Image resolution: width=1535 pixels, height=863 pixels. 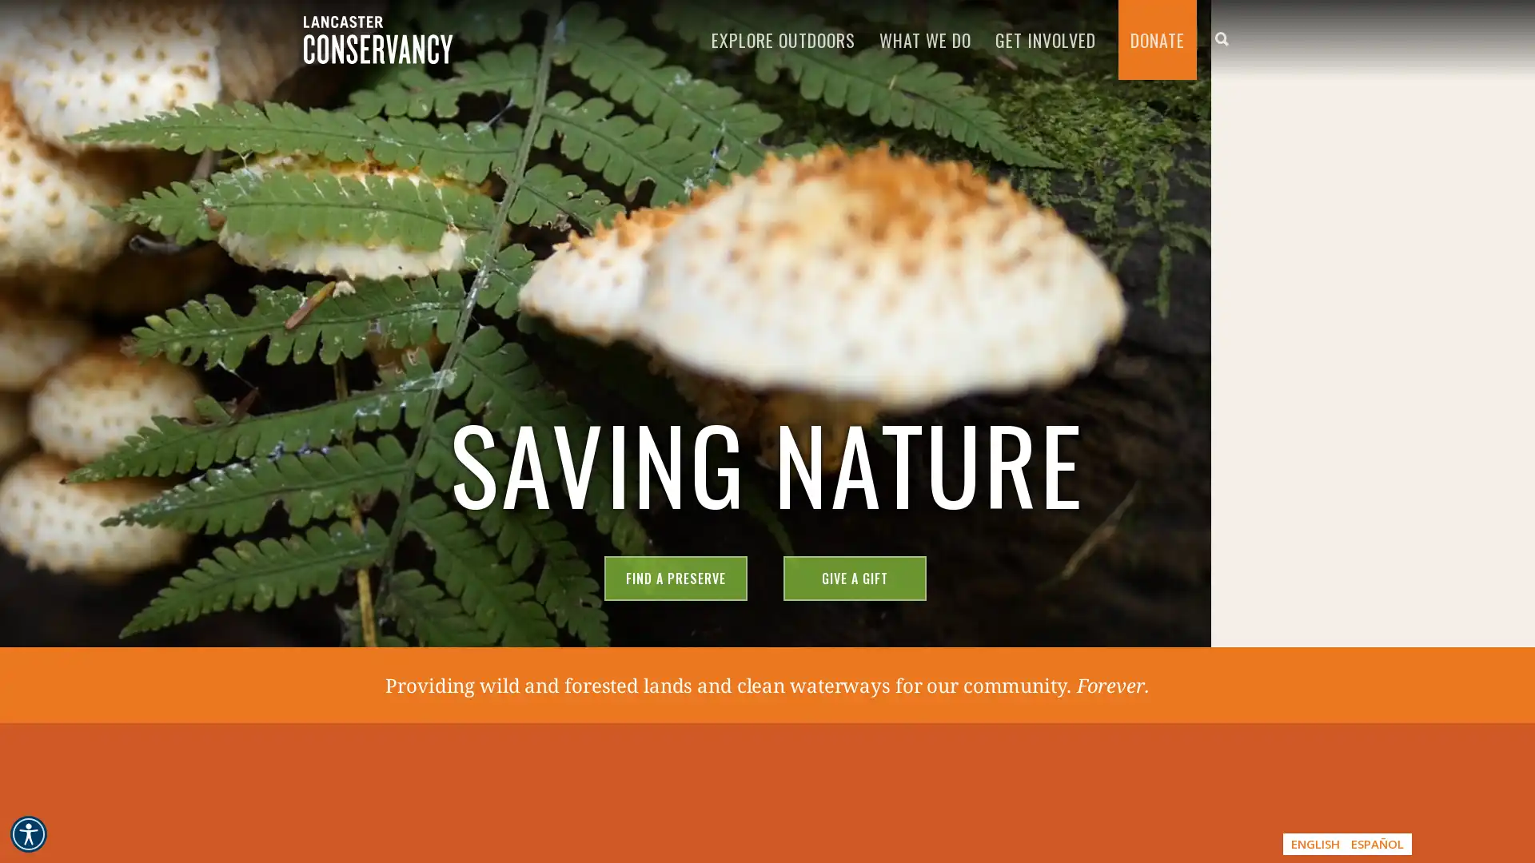 I want to click on Go, so click(x=764, y=527).